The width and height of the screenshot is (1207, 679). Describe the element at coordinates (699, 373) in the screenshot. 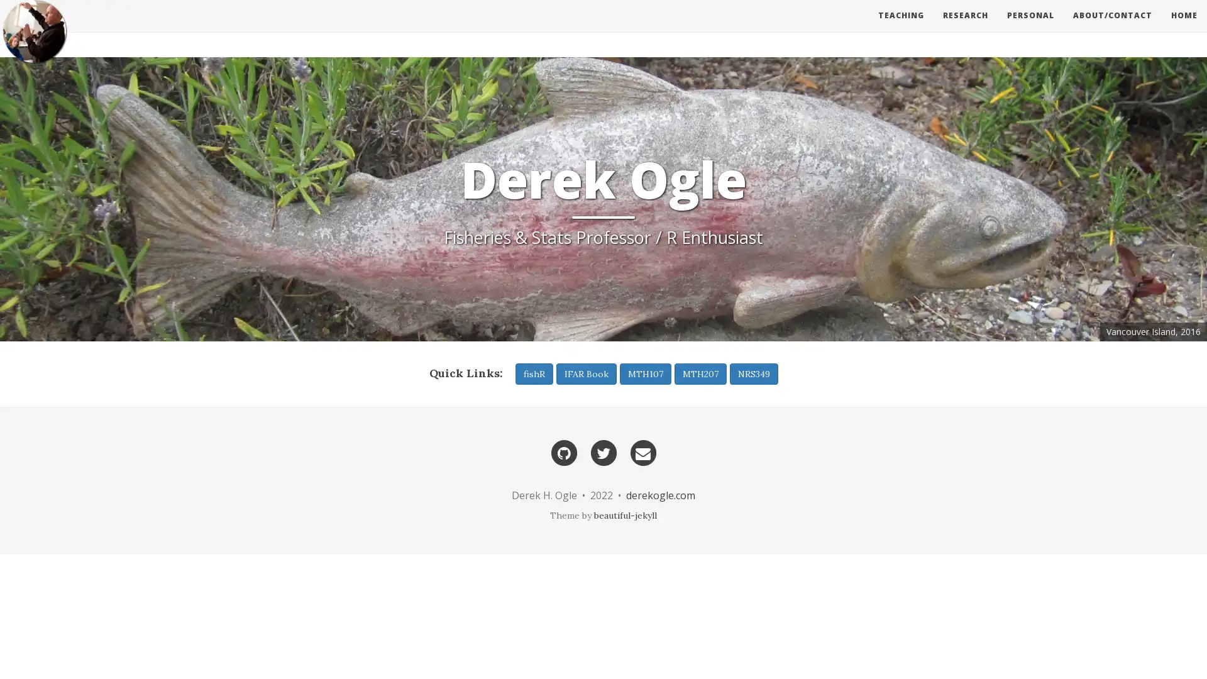

I see `MTH207` at that location.